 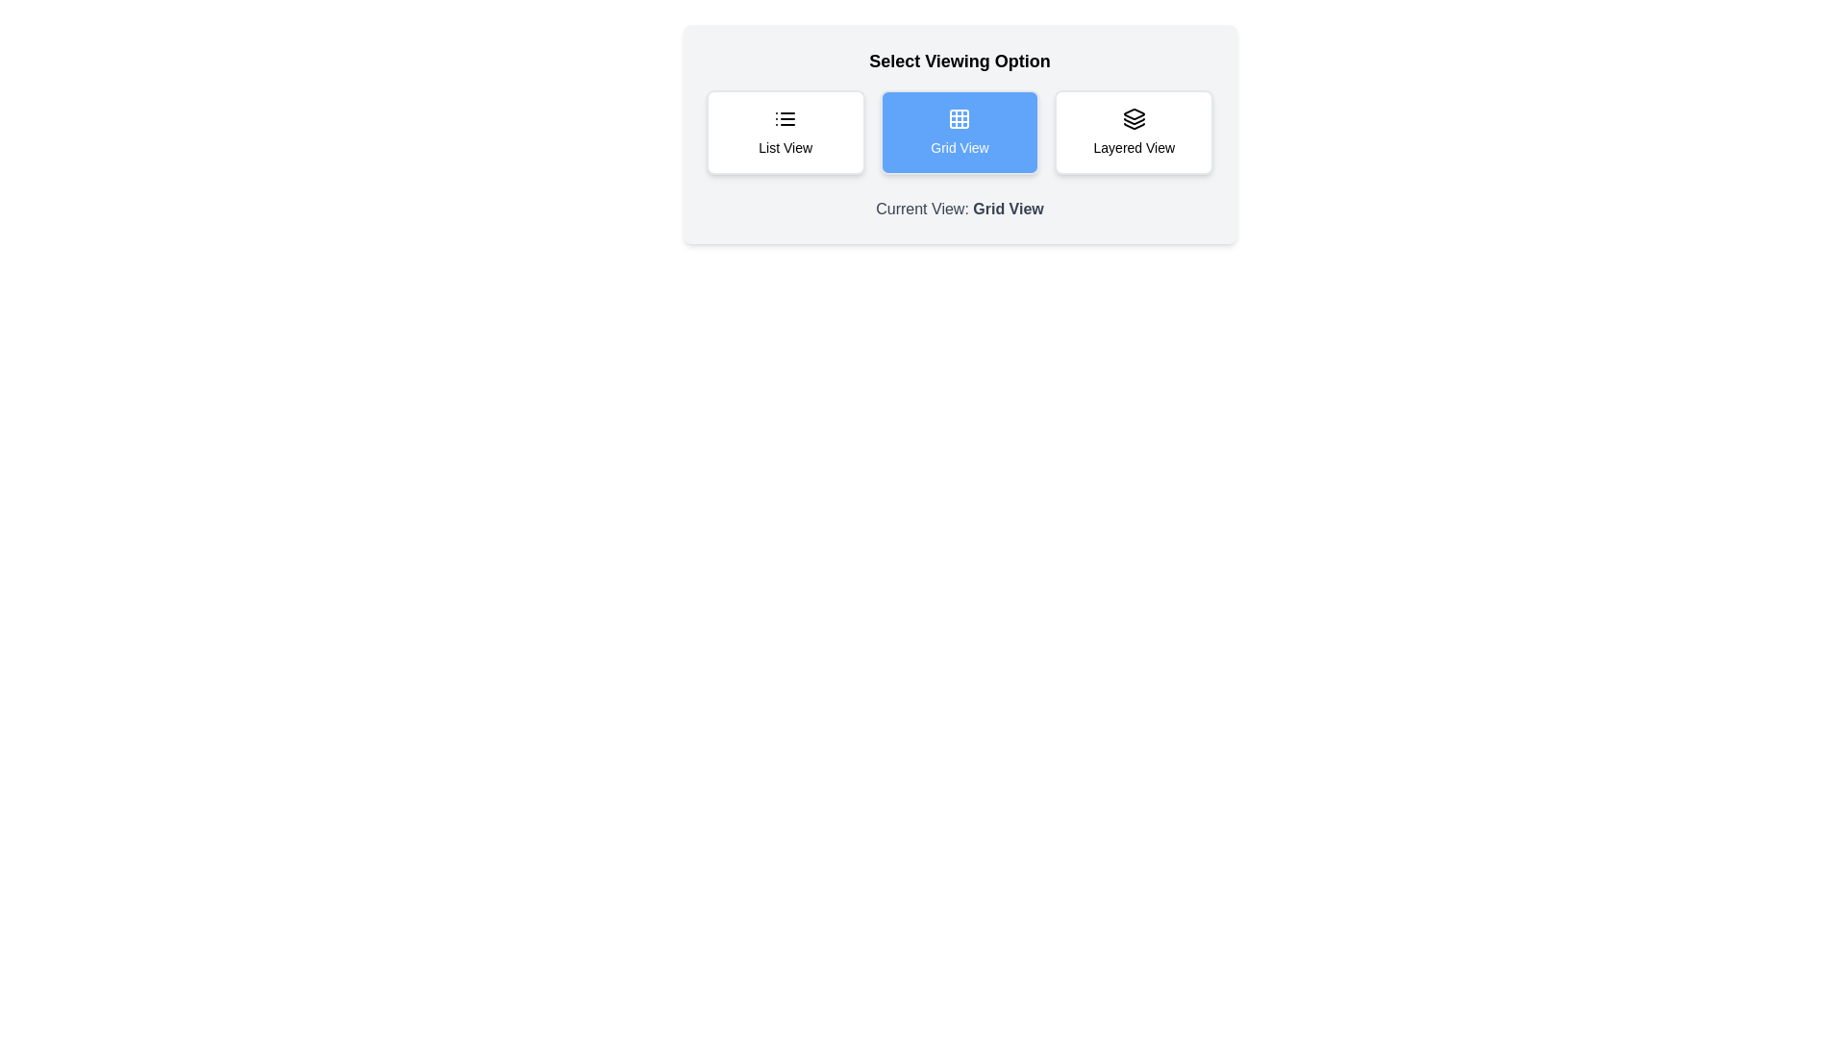 I want to click on the 'Layered View' icon located at the top center of the 'Layered View' card, so click(x=1134, y=118).